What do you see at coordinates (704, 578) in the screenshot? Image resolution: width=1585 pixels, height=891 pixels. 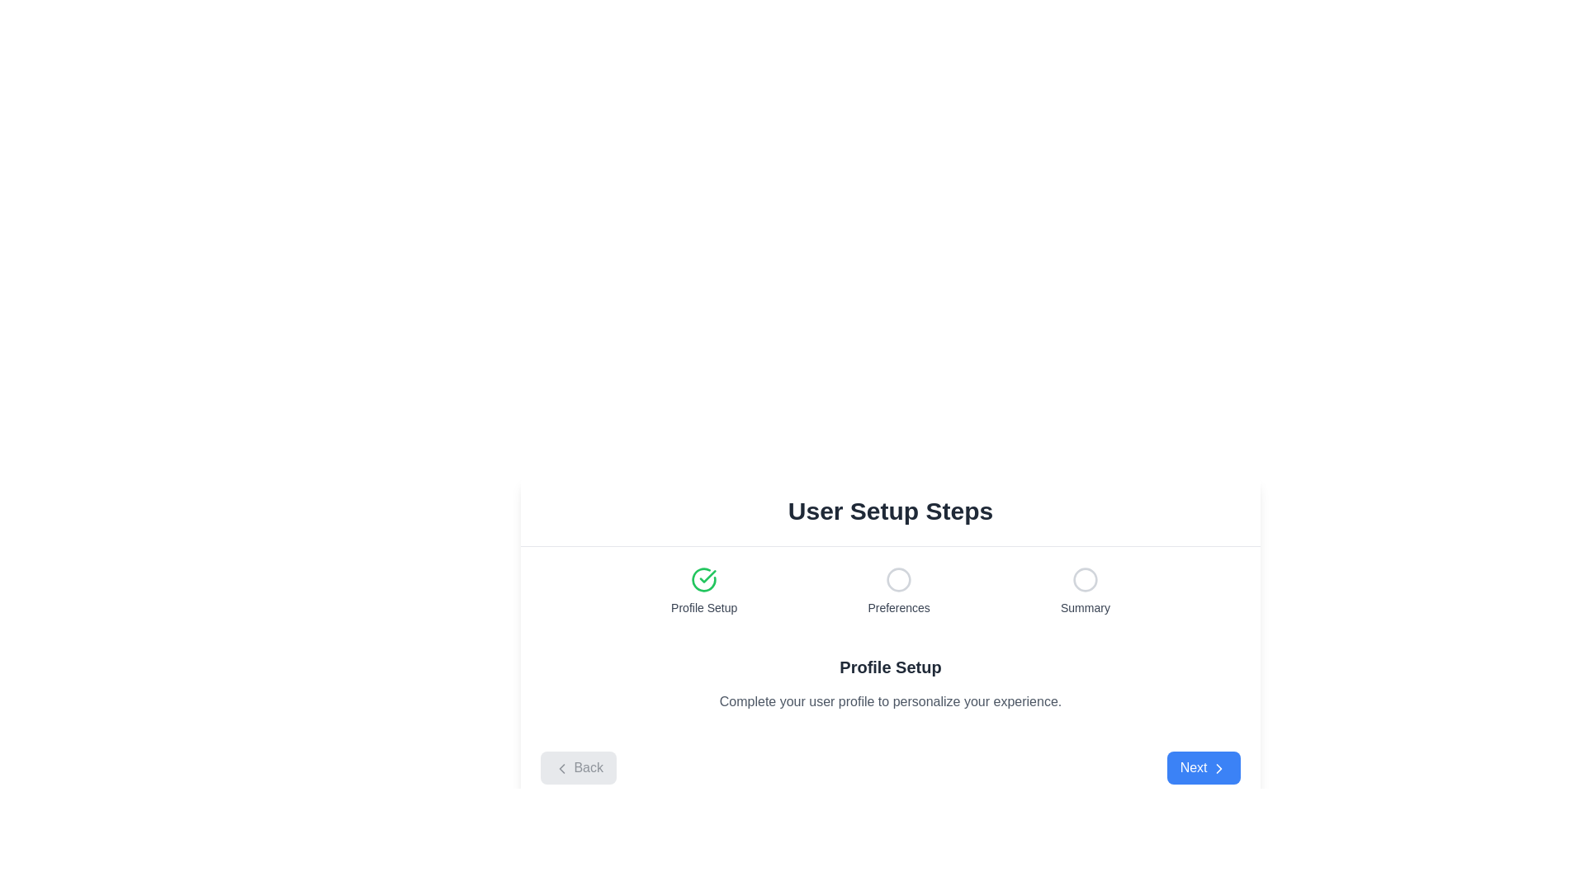 I see `the position of the green circular segment within the checkmark icon, which is part of the 'Profile Setup' section in the 'User Setup Steps' interface` at bounding box center [704, 578].